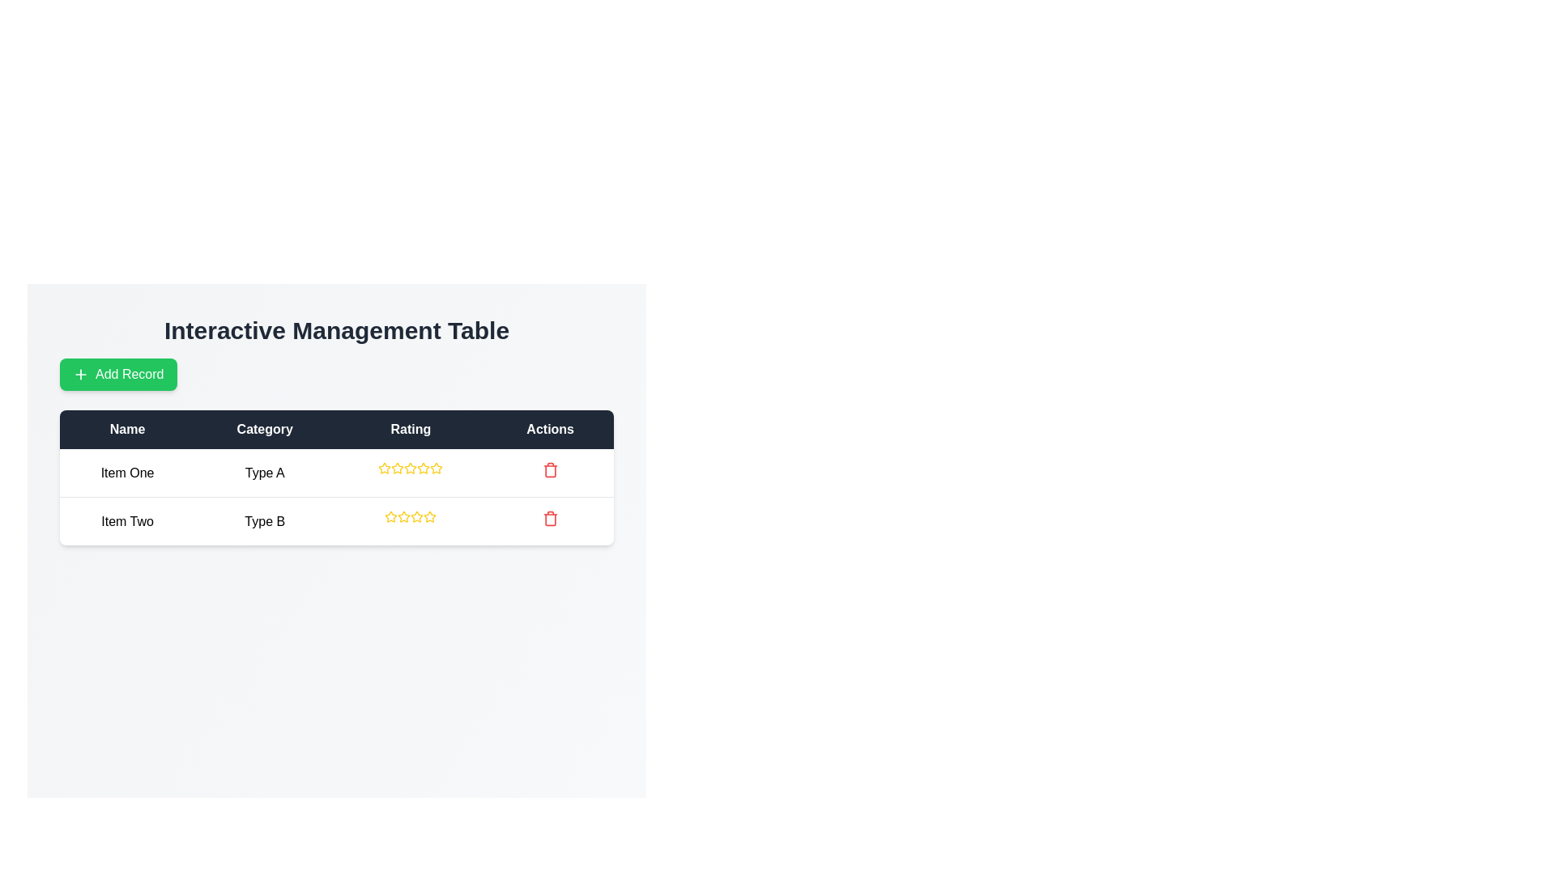  I want to click on the third rating star icon for 'Item One' in the 'Rating' column, so click(411, 468).